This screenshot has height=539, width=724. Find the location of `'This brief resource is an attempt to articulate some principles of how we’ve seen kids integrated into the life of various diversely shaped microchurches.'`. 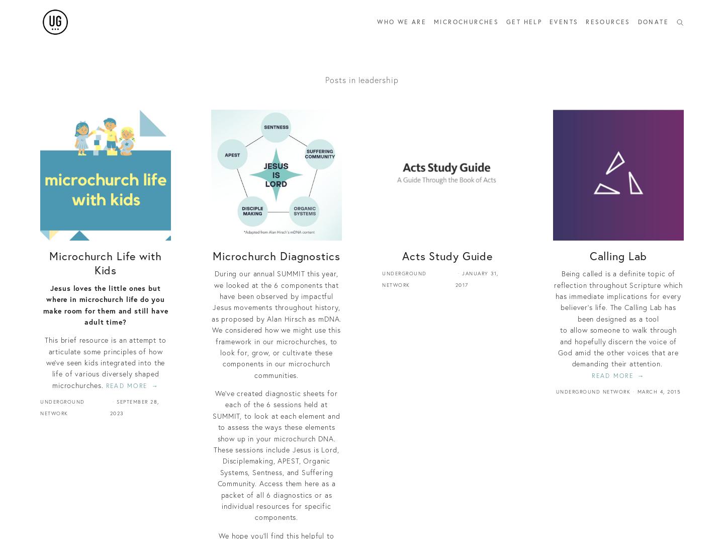

'This brief resource is an attempt to articulate some principles of how we’ve seen kids integrated into the life of various diversely shaped microchurches.' is located at coordinates (105, 362).